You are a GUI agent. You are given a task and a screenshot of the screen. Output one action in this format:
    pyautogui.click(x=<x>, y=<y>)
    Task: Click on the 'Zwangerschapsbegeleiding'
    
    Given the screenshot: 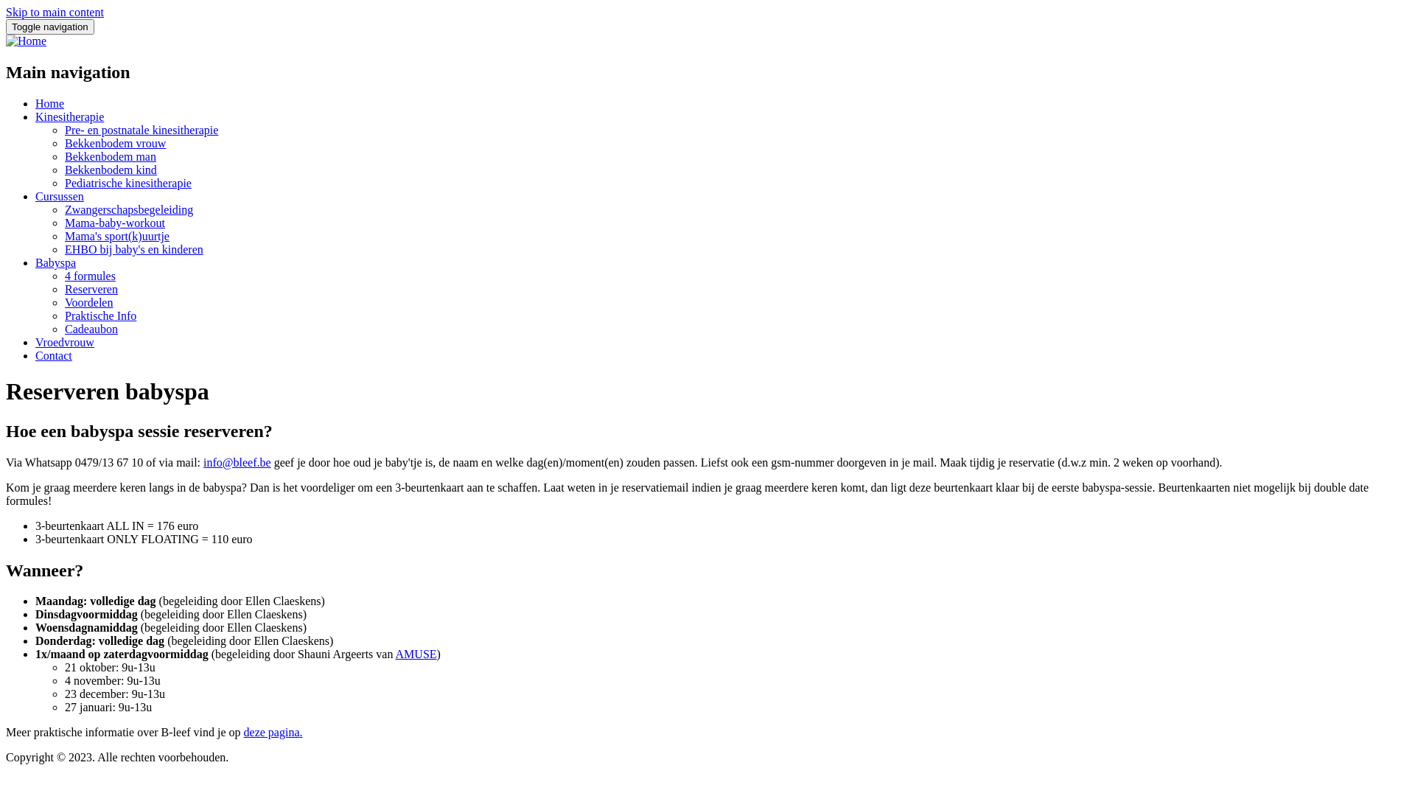 What is the action you would take?
    pyautogui.click(x=128, y=209)
    